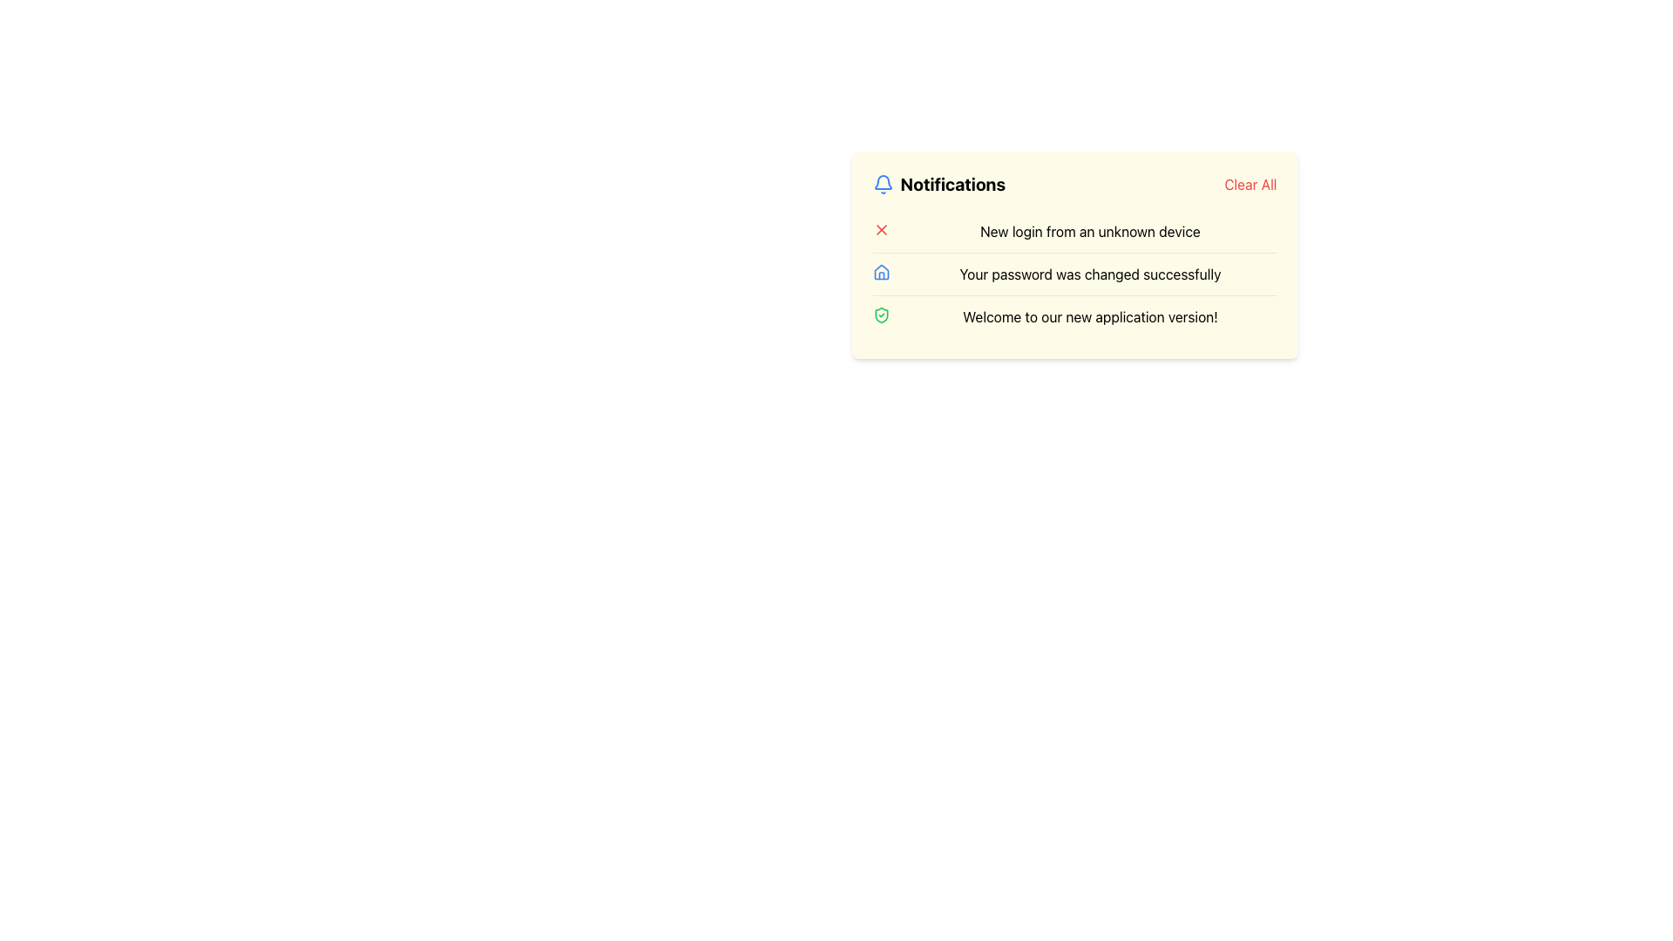 This screenshot has height=941, width=1673. What do you see at coordinates (1089, 316) in the screenshot?
I see `the text element displaying 'Welcome to our new application version!' in the Notifications panel` at bounding box center [1089, 316].